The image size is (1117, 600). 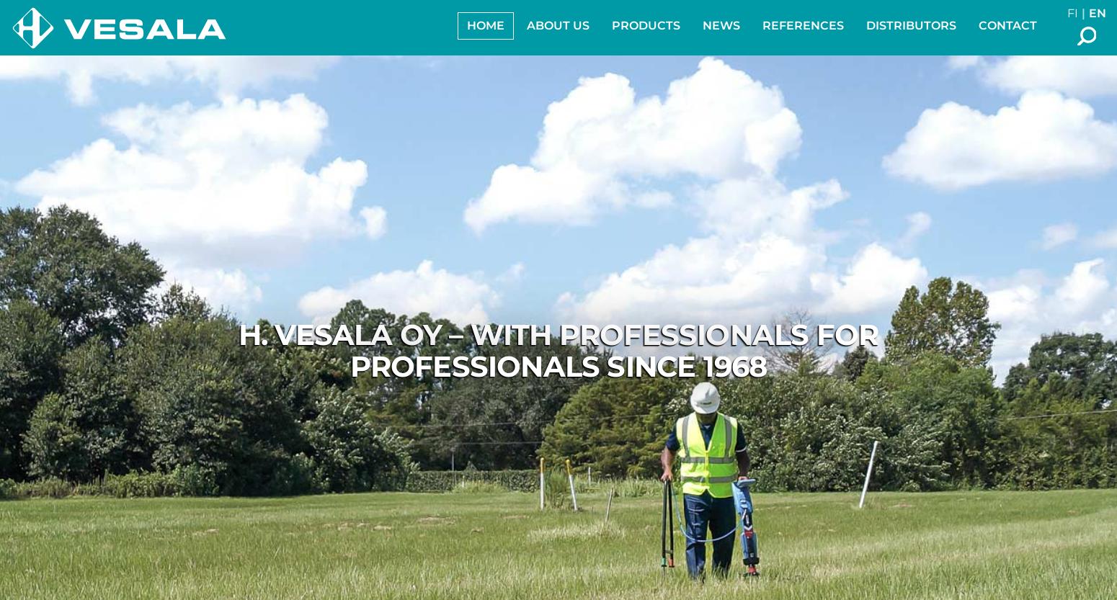 I want to click on 'fi', so click(x=1072, y=13).